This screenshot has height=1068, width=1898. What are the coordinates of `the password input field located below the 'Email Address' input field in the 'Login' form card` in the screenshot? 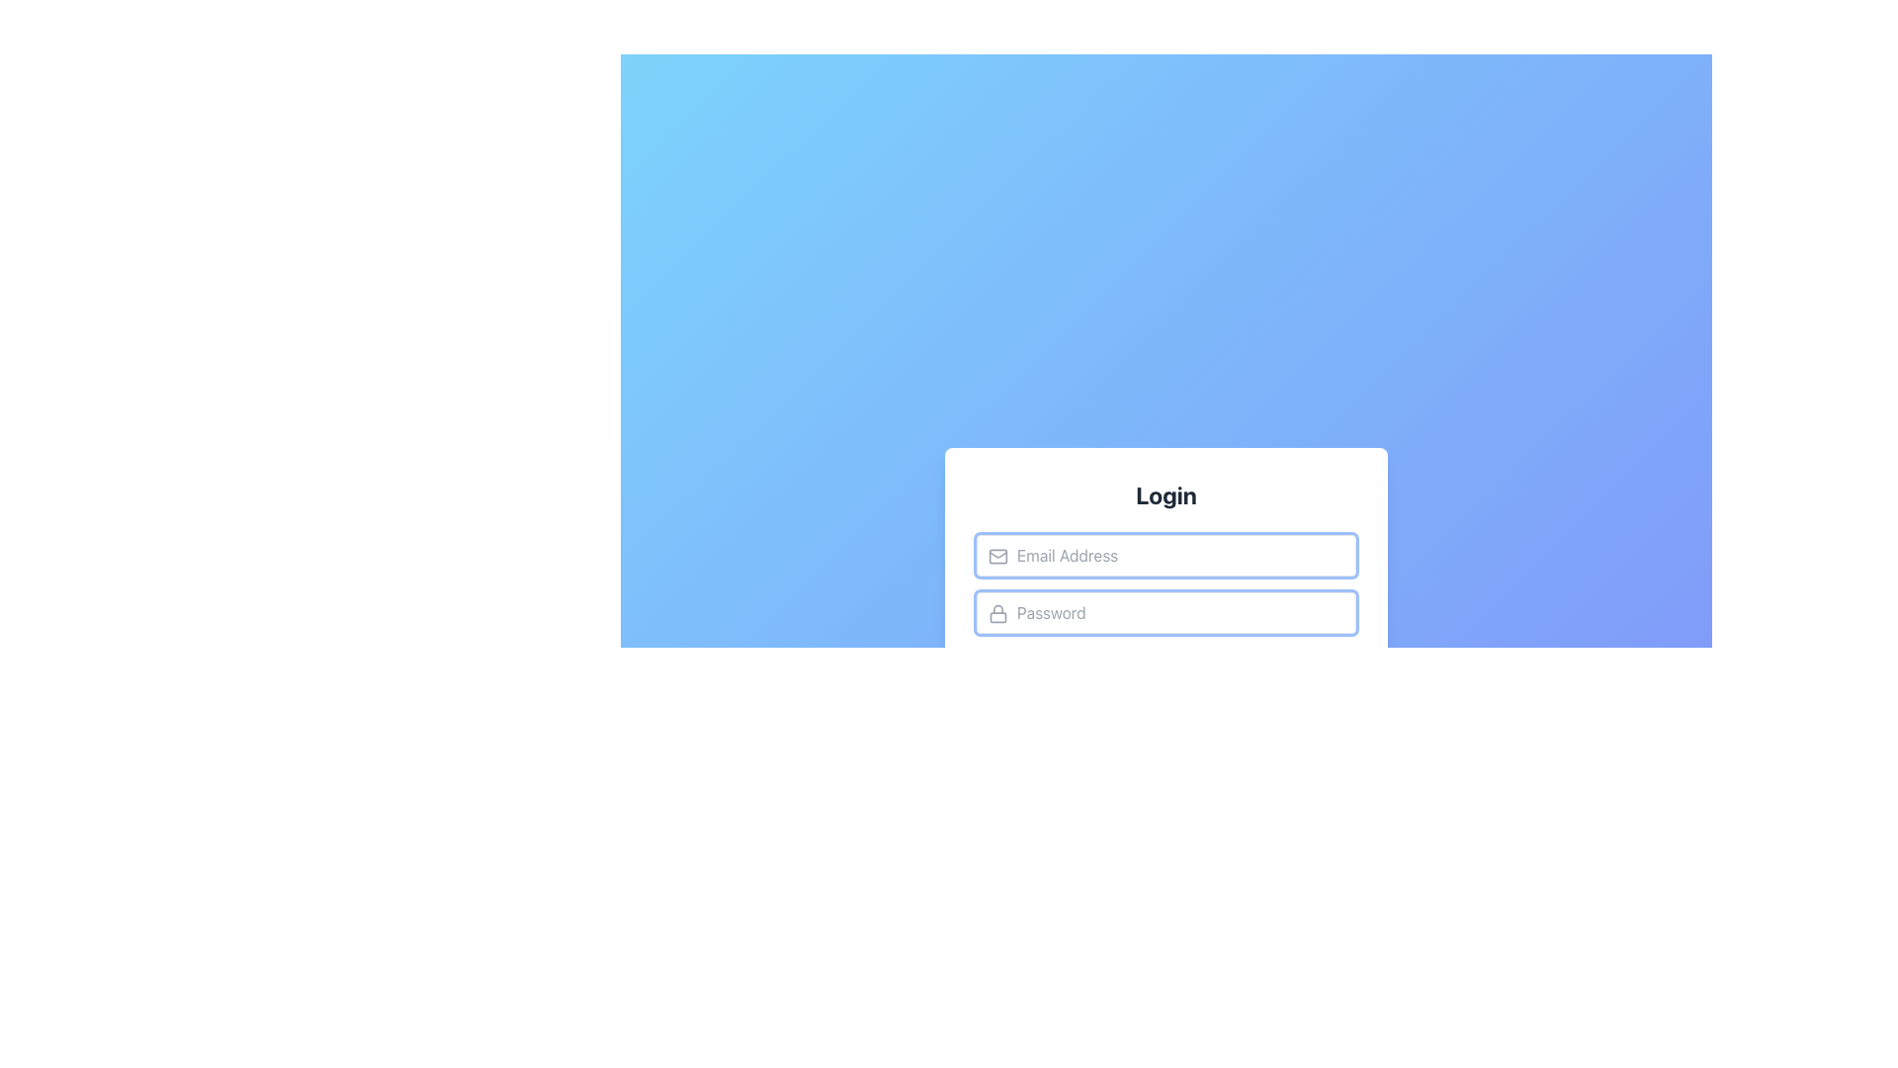 It's located at (1166, 612).